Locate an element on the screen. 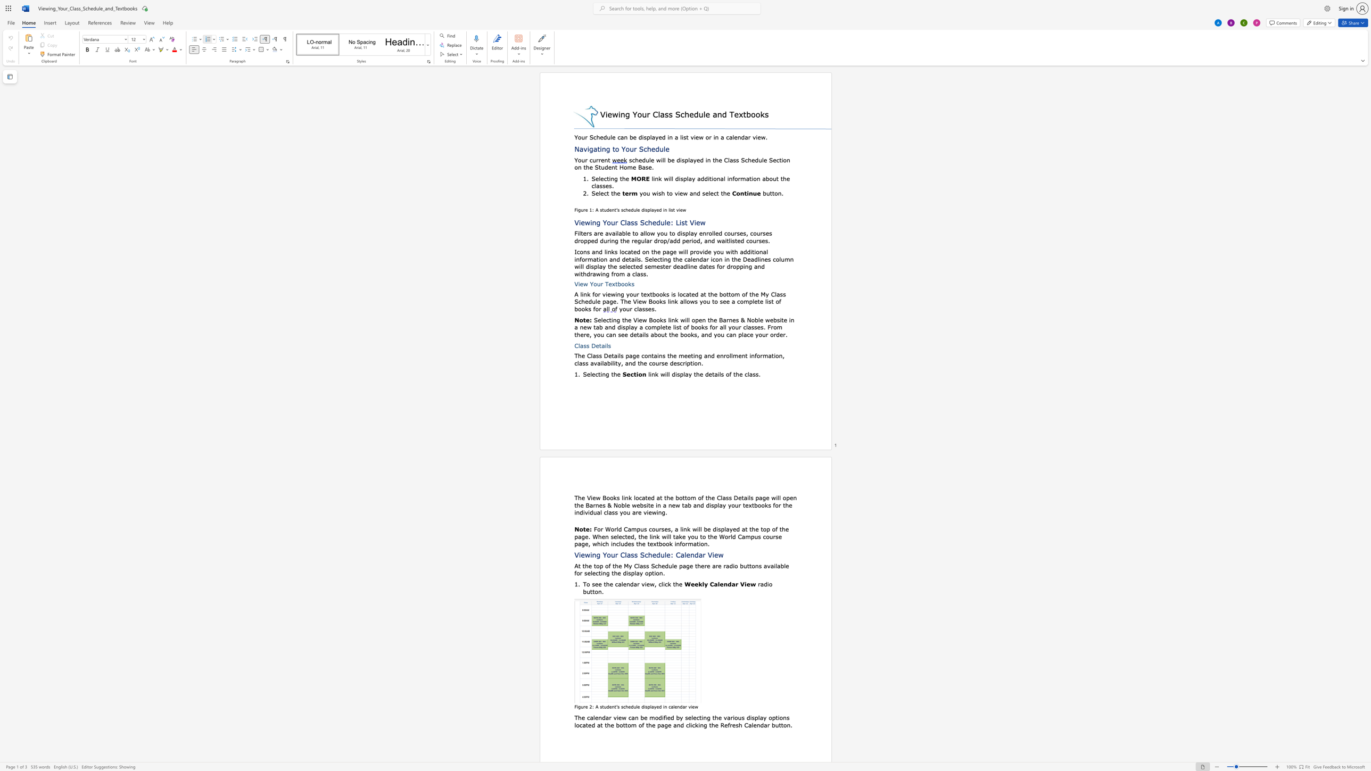 The width and height of the screenshot is (1371, 771). the 1th character "d" in the text is located at coordinates (603, 717).